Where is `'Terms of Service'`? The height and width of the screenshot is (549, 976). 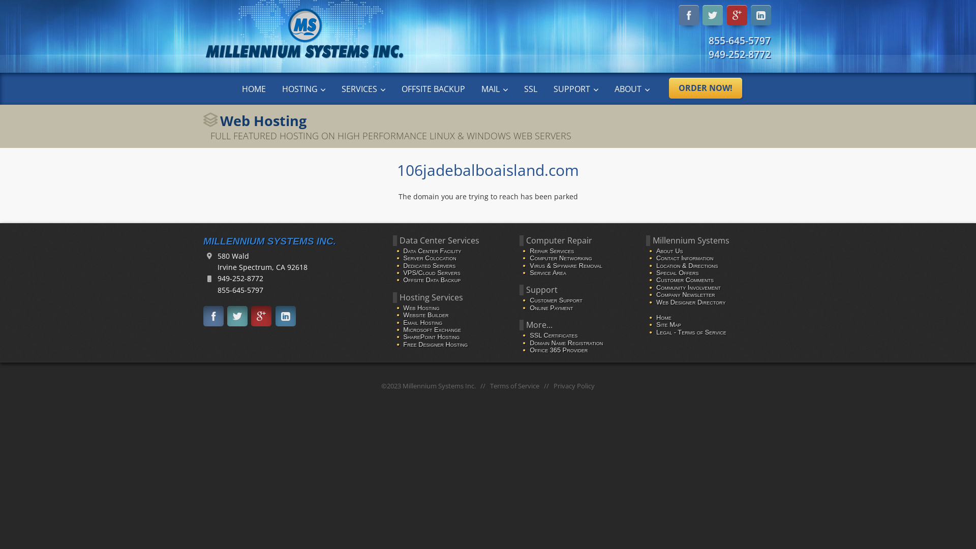 'Terms of Service' is located at coordinates (514, 386).